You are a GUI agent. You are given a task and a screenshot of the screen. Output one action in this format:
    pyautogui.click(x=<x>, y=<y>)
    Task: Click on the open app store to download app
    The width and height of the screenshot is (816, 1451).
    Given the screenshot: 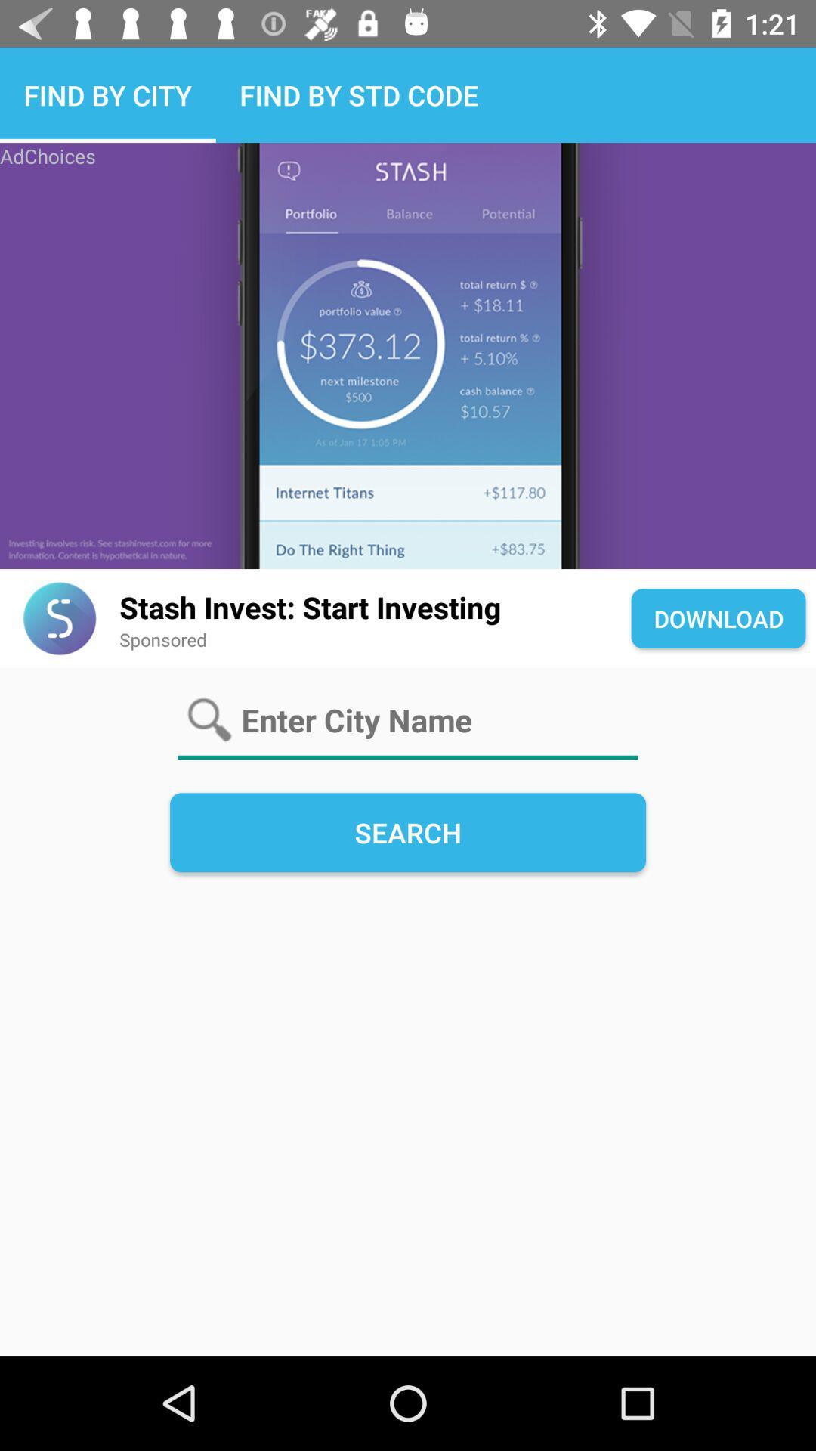 What is the action you would take?
    pyautogui.click(x=408, y=354)
    